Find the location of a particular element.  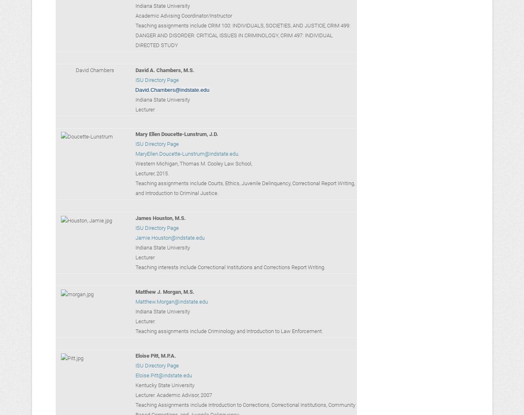

'Jamie.Houston@indstate.edu' is located at coordinates (169, 237).